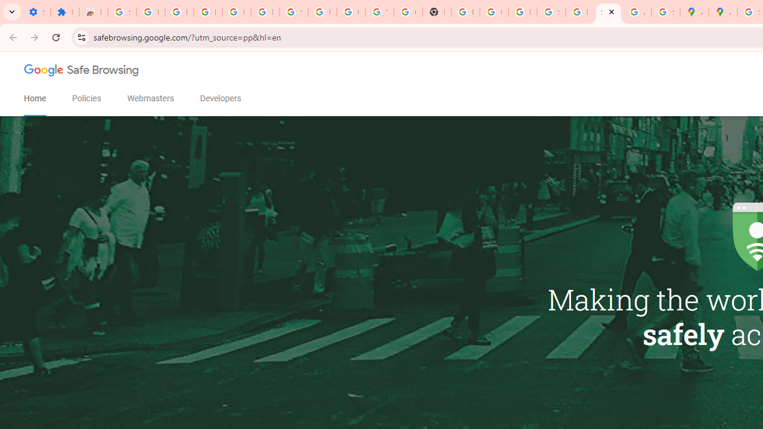 The width and height of the screenshot is (763, 429). What do you see at coordinates (150, 98) in the screenshot?
I see `'Webmasters'` at bounding box center [150, 98].